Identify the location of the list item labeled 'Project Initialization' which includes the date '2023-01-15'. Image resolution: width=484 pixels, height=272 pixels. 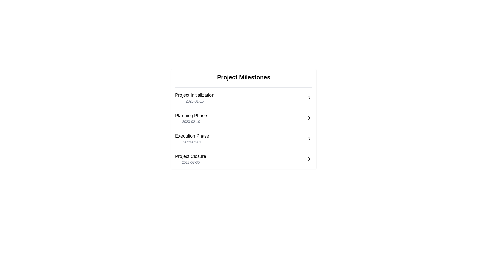
(194, 98).